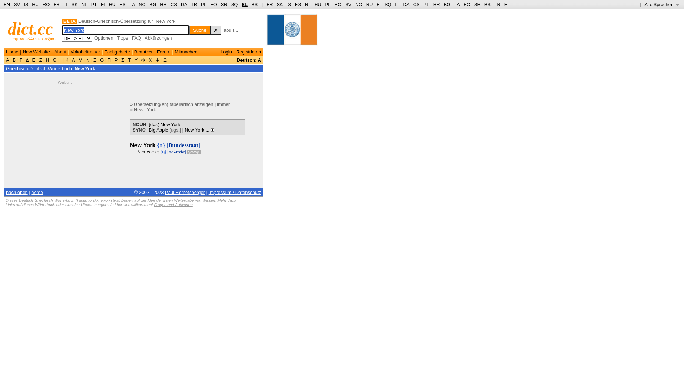 The image size is (684, 385). I want to click on 'New', so click(138, 109).